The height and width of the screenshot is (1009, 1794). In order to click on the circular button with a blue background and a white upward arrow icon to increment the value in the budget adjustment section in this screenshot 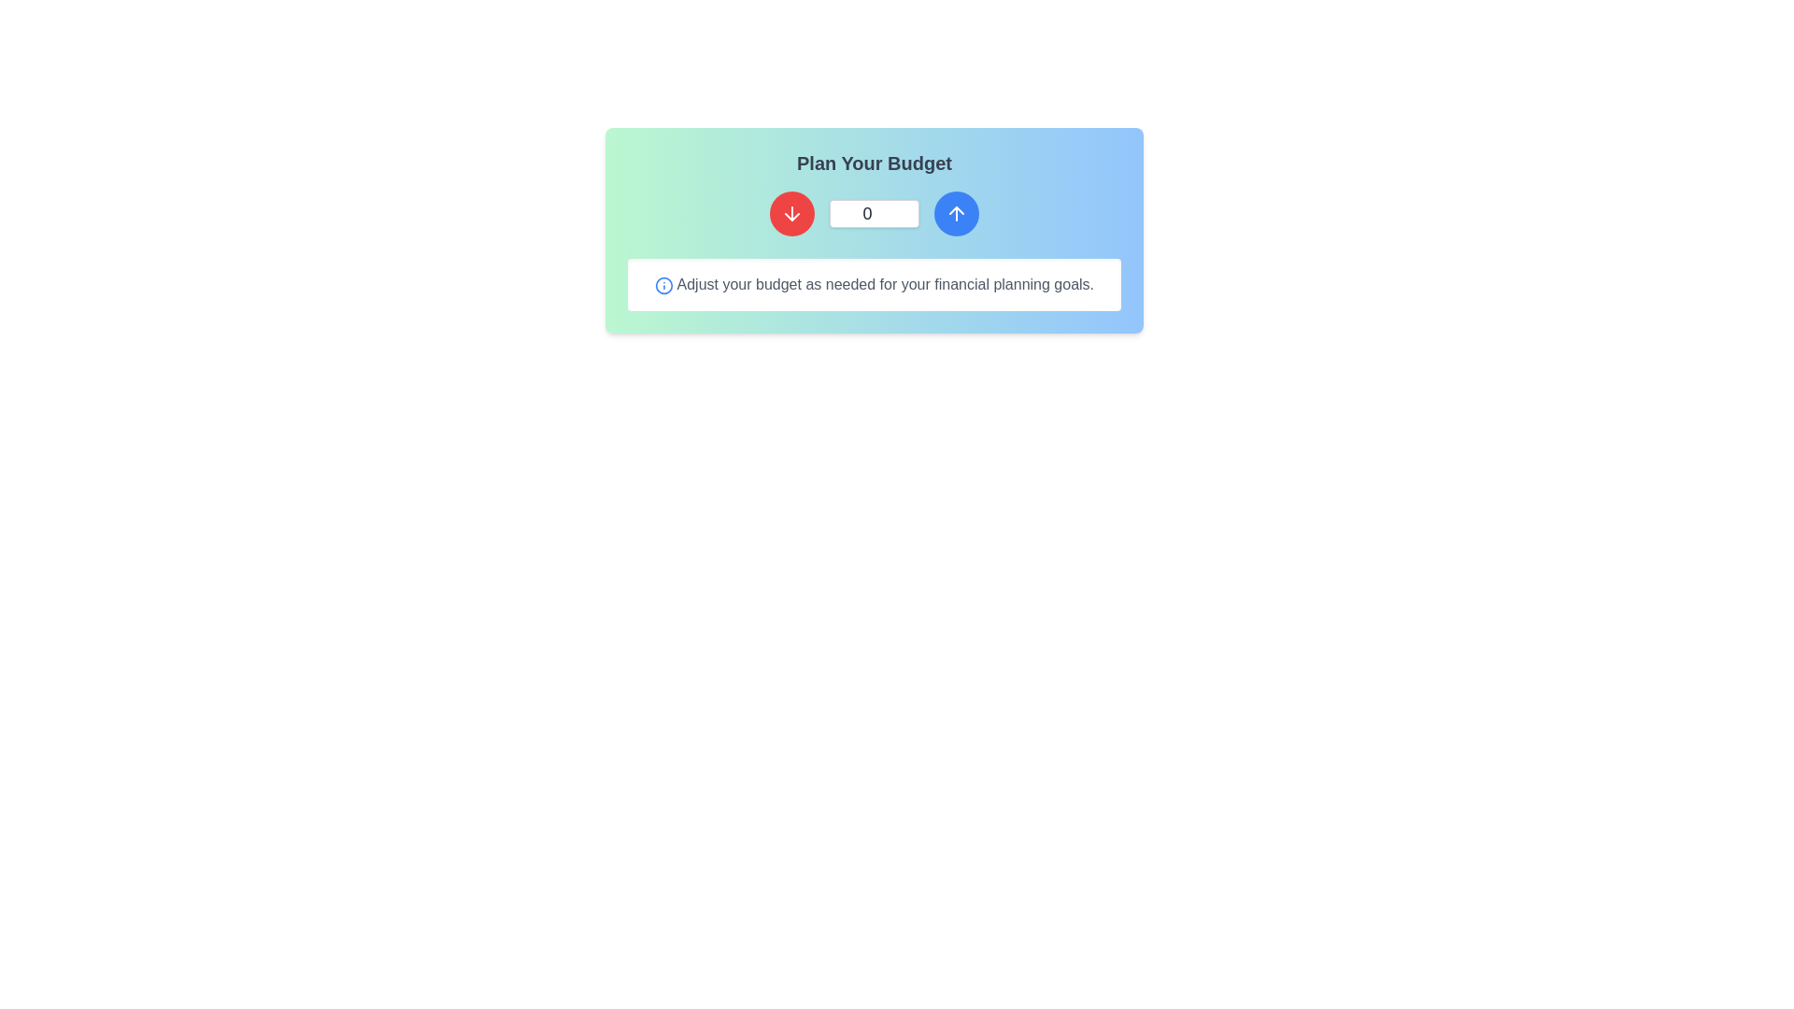, I will do `click(956, 212)`.